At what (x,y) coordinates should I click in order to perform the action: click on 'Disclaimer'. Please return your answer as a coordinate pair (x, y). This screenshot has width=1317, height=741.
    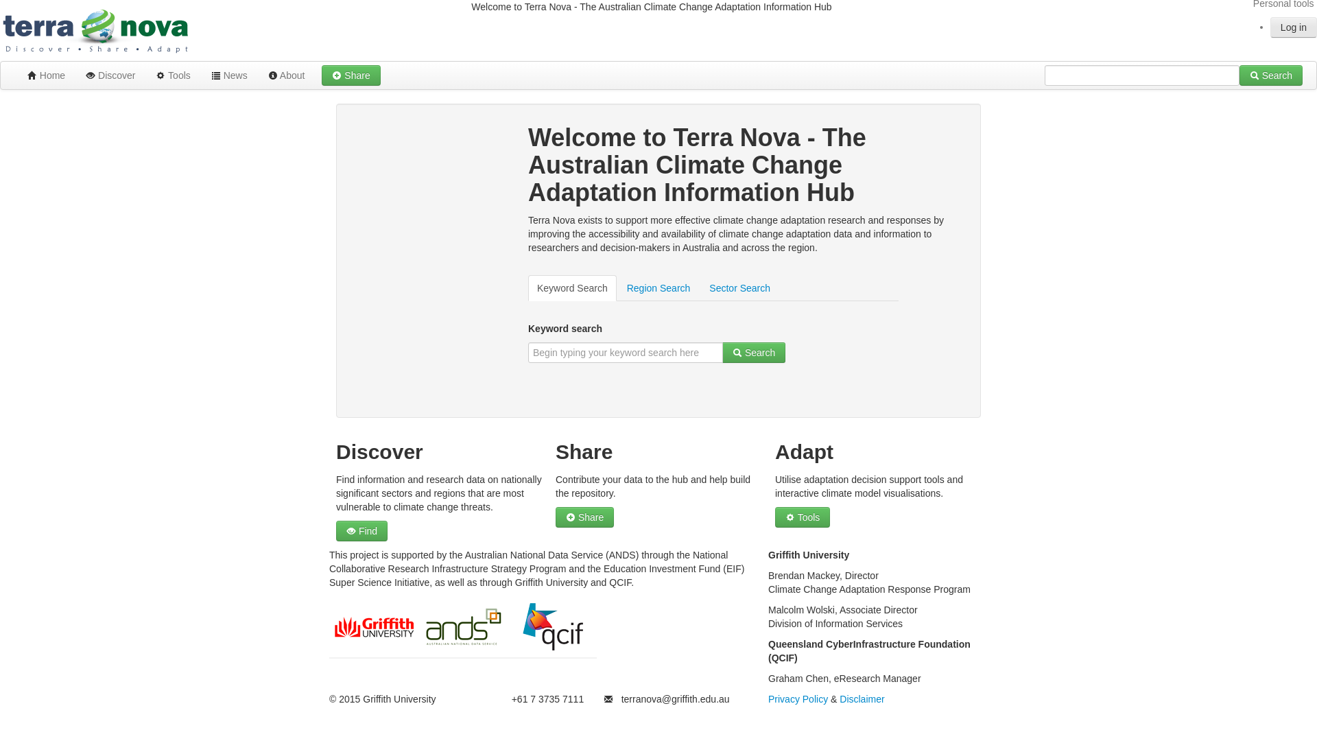
    Looking at the image, I should click on (861, 698).